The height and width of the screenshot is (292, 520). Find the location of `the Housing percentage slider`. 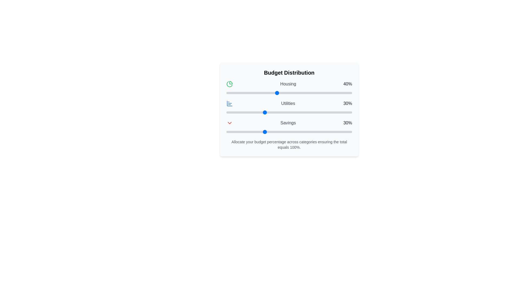

the Housing percentage slider is located at coordinates (266, 92).